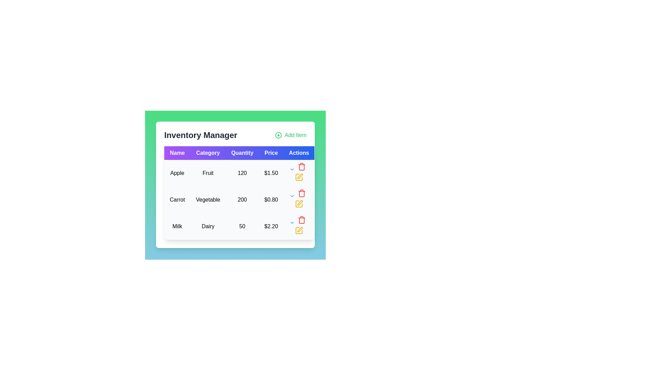  Describe the element at coordinates (292, 169) in the screenshot. I see `the downward-pointing chevron icon in the 'Actions' column of the 'Inventory Manager' table` at that location.